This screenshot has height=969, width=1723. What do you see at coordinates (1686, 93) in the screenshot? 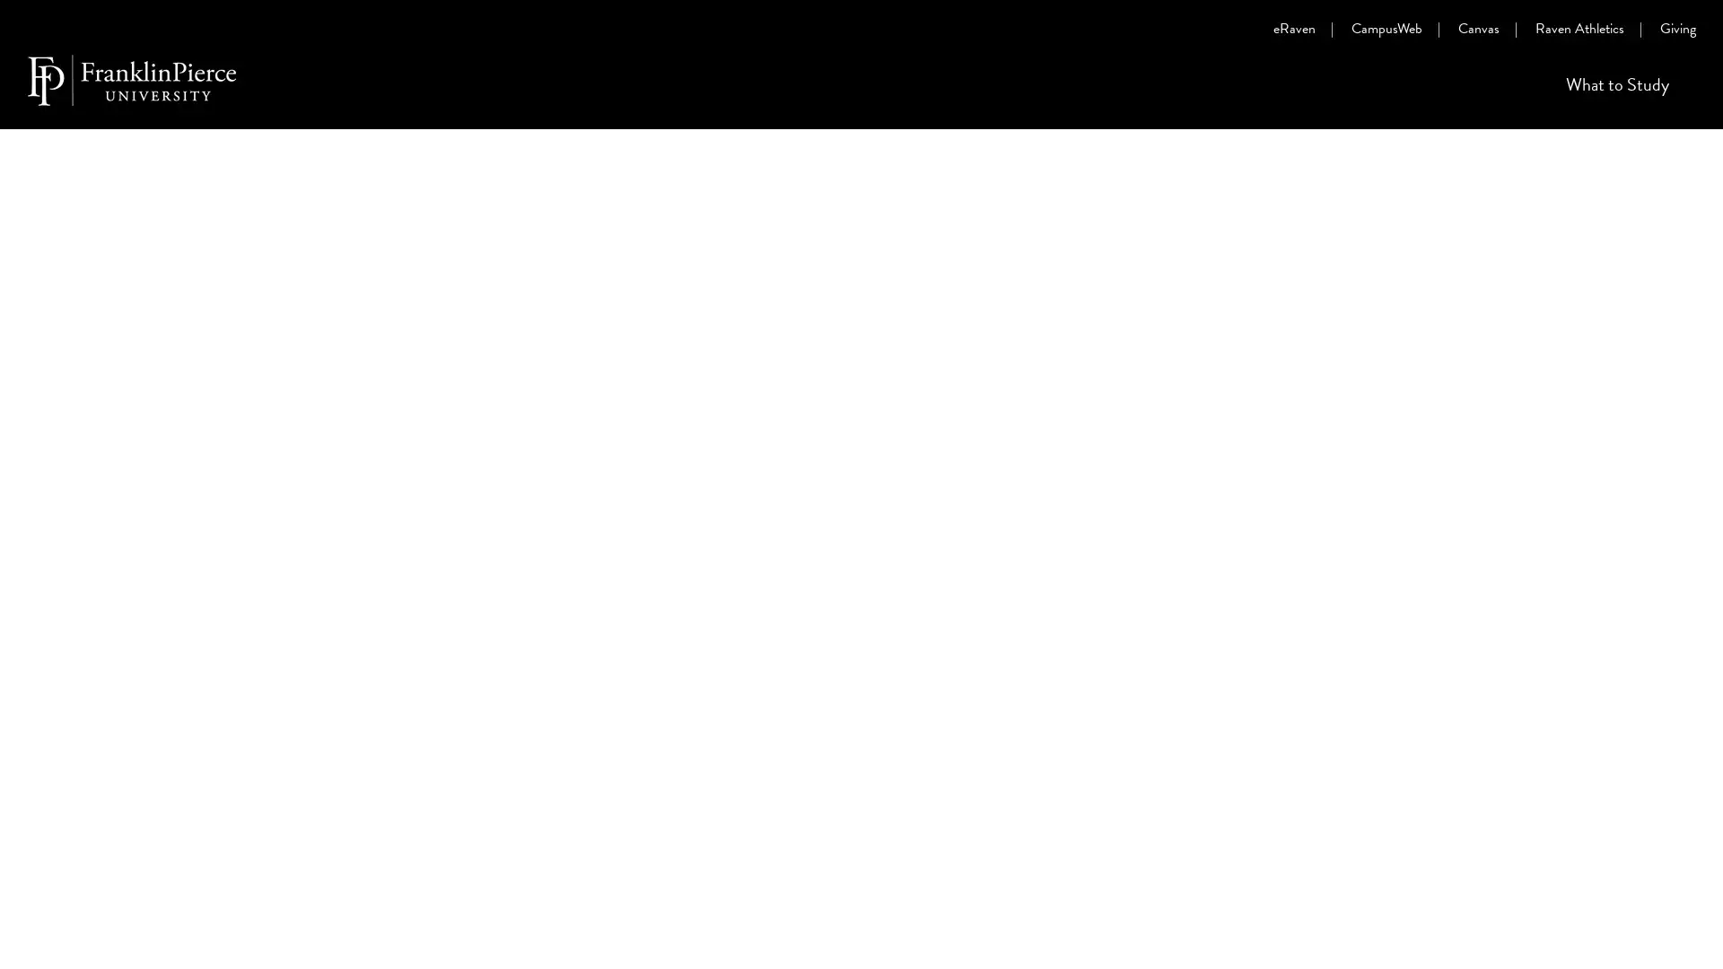
I see `search` at bounding box center [1686, 93].